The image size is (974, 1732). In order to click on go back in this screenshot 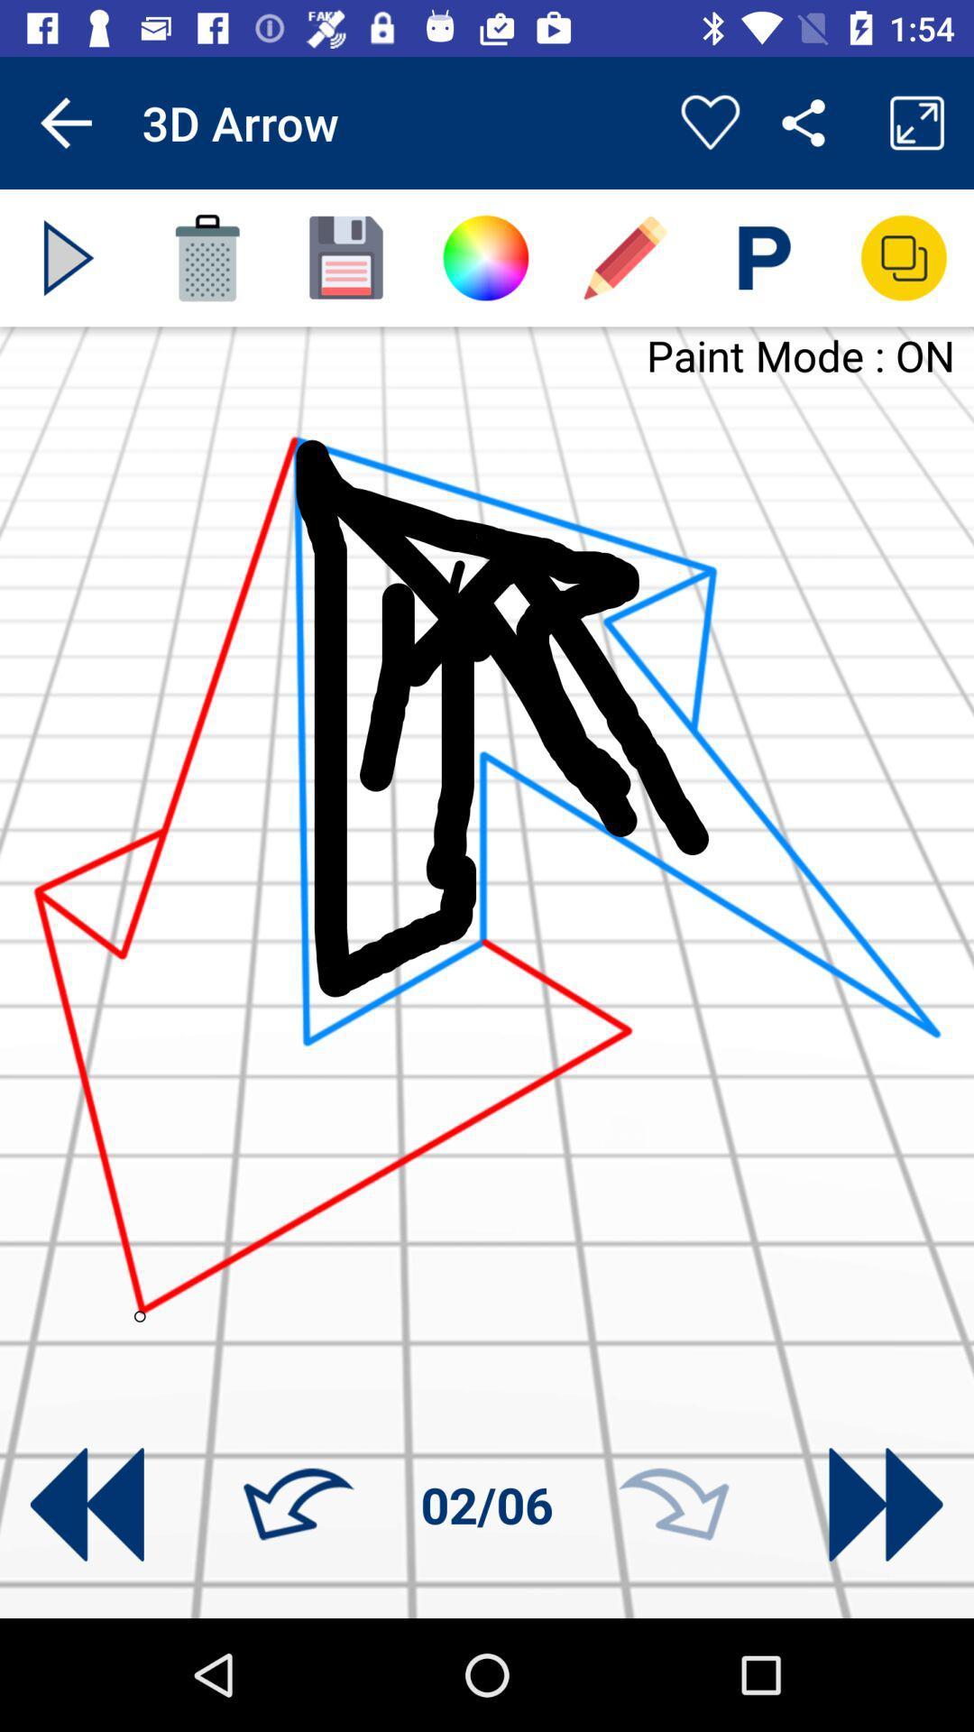, I will do `click(298, 1505)`.